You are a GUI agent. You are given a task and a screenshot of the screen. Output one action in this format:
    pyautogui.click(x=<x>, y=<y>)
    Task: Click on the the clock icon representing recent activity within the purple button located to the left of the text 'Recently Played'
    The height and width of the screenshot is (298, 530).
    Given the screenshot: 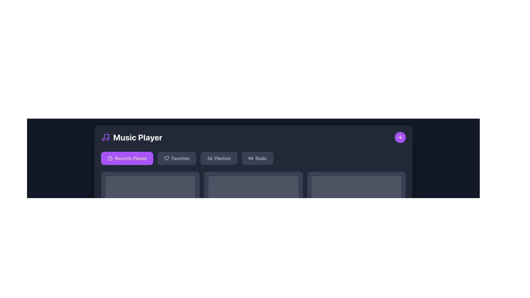 What is the action you would take?
    pyautogui.click(x=110, y=158)
    